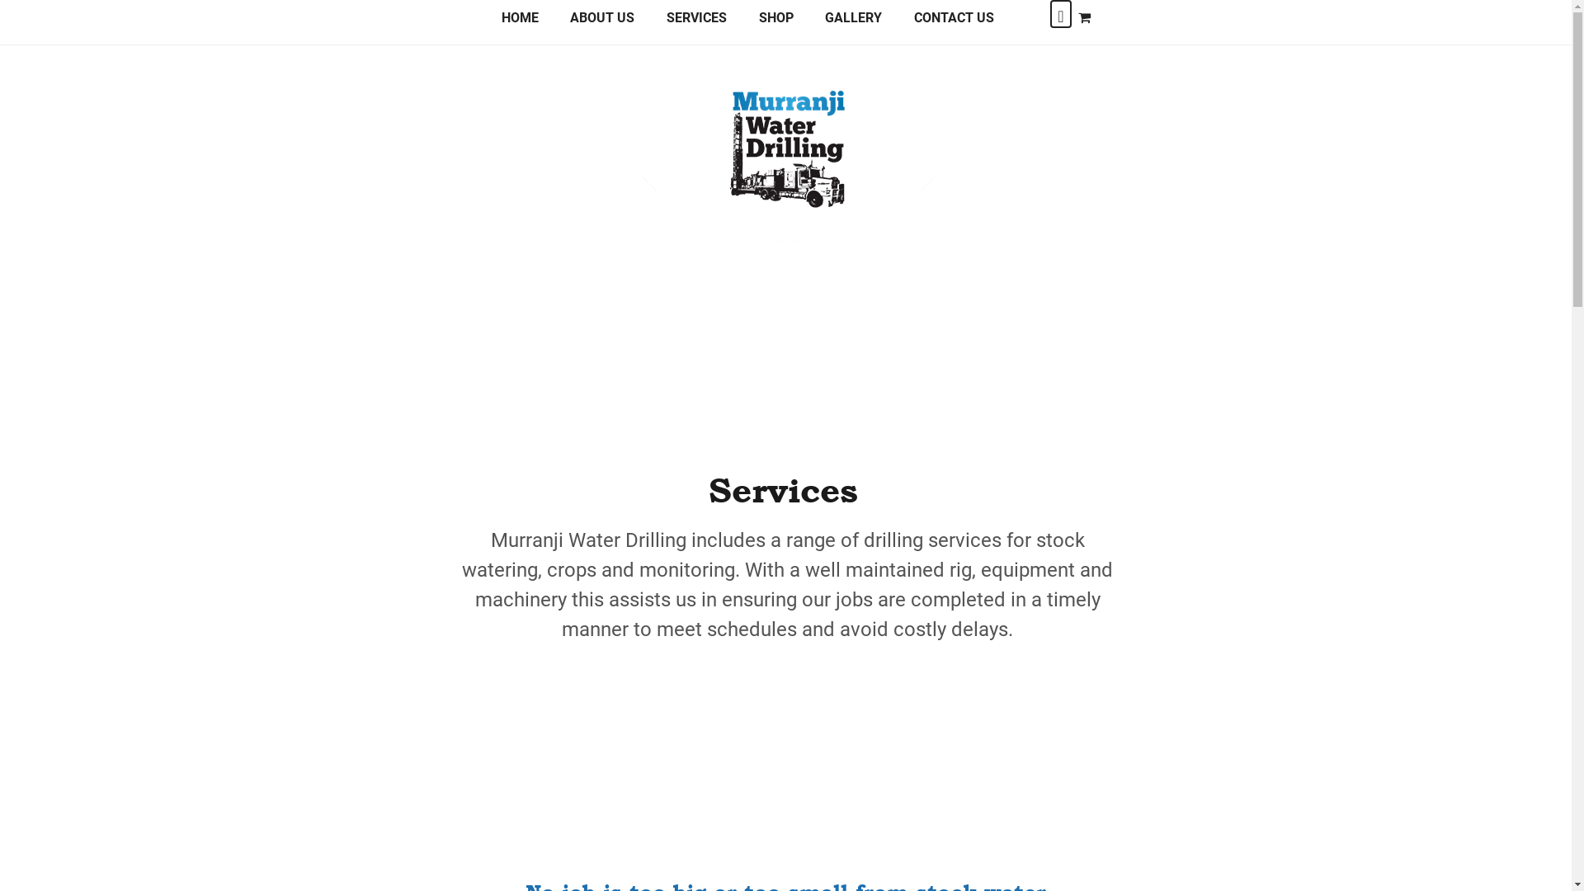 The image size is (1584, 891). I want to click on 'SHOP', so click(775, 24).